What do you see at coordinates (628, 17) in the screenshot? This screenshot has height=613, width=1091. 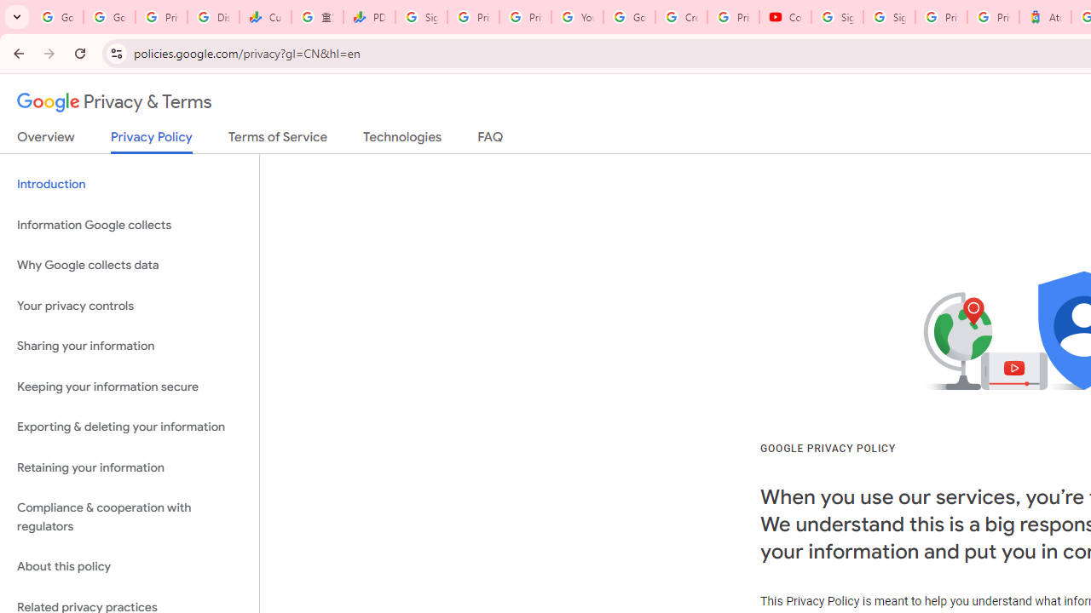 I see `'Google Account Help'` at bounding box center [628, 17].